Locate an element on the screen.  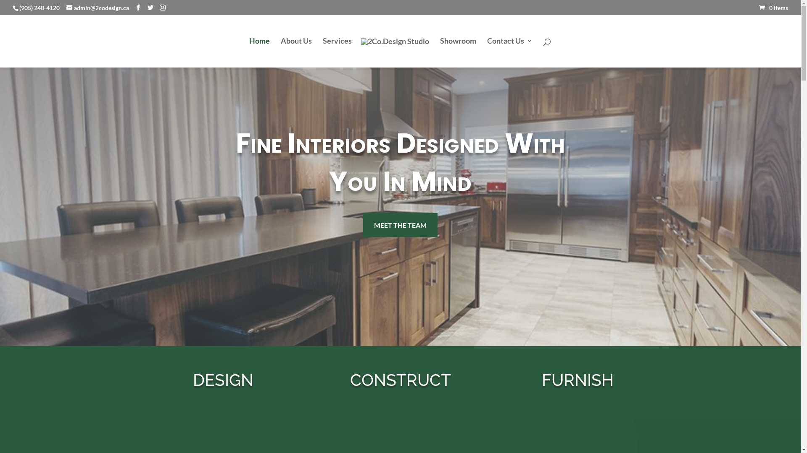
'0 Items' is located at coordinates (773, 8).